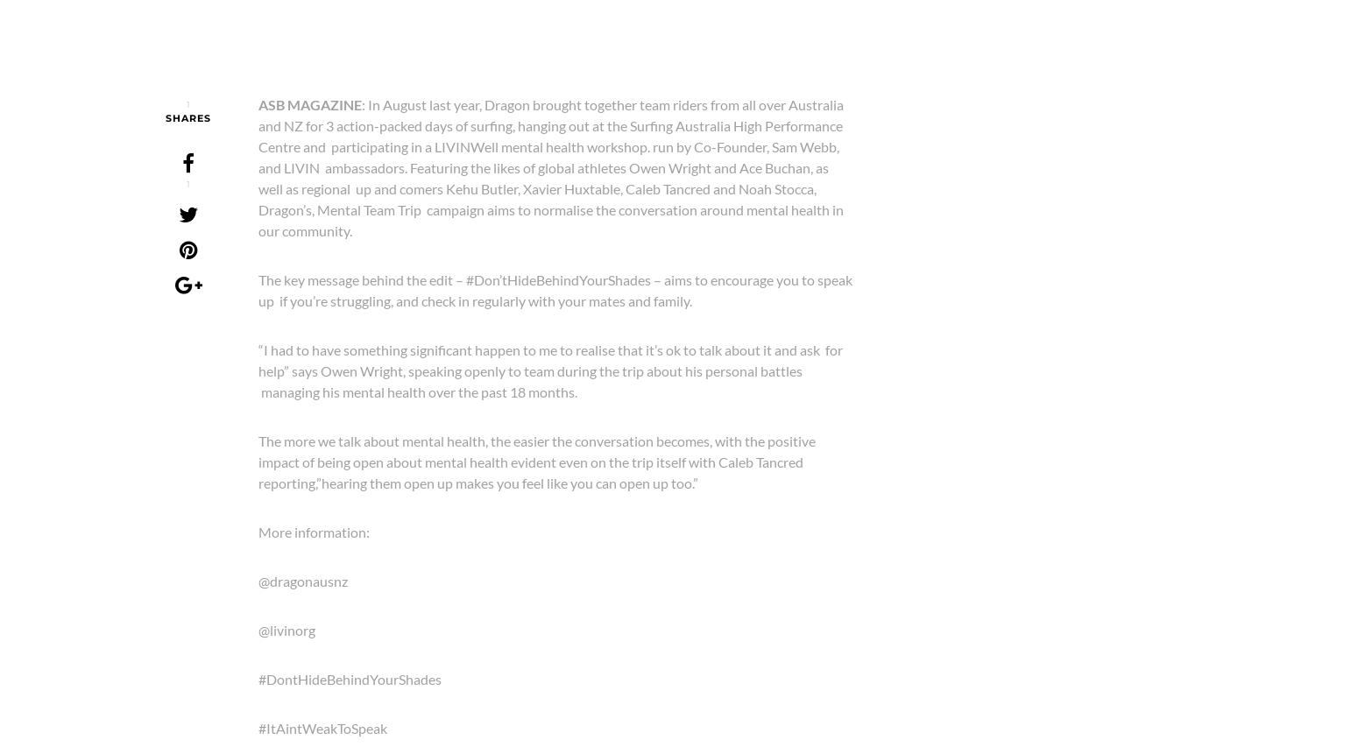 The width and height of the screenshot is (1358, 747). I want to click on 'The more we talk about mental health, the easier the conversation becomes, with the positive impact of being open about mental health evident even on the trip itself with Caleb Tancred reporting,”hearing them open up makes you feel like you can open up too.”', so click(537, 460).